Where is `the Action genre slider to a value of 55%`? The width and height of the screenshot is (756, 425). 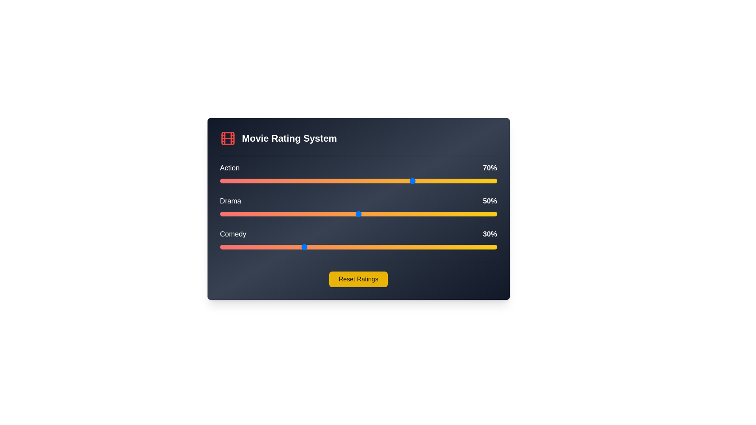
the Action genre slider to a value of 55% is located at coordinates (372, 181).